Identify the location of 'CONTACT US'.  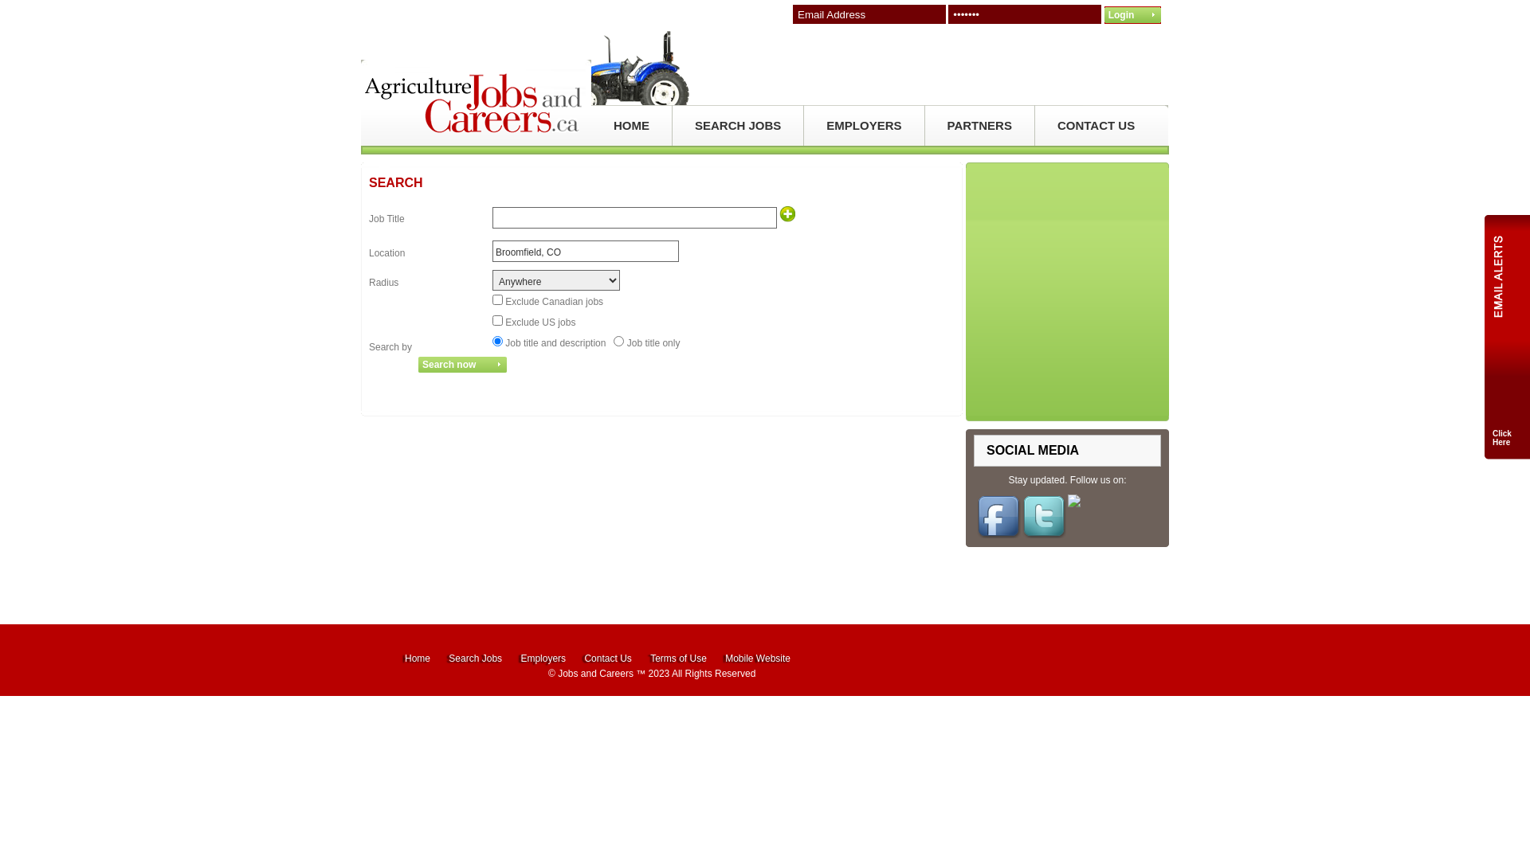
(1095, 124).